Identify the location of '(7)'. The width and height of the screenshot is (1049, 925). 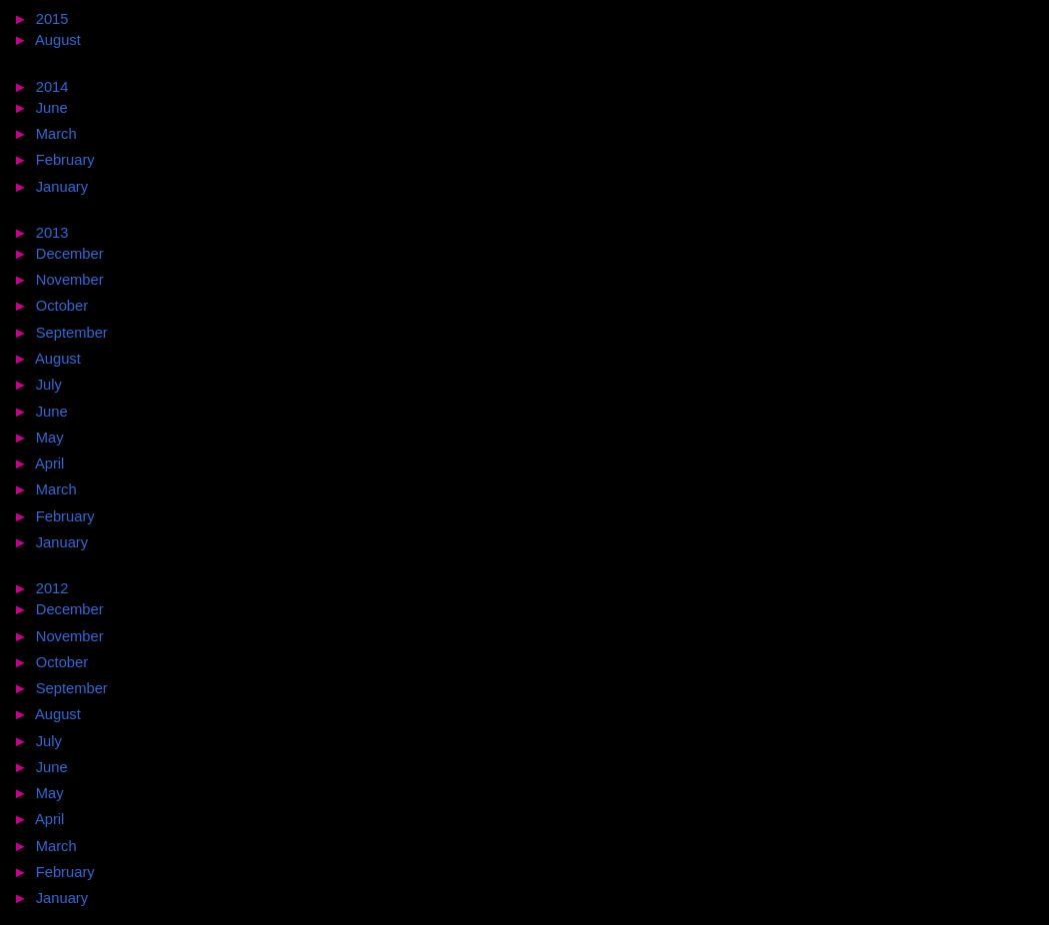
(93, 357).